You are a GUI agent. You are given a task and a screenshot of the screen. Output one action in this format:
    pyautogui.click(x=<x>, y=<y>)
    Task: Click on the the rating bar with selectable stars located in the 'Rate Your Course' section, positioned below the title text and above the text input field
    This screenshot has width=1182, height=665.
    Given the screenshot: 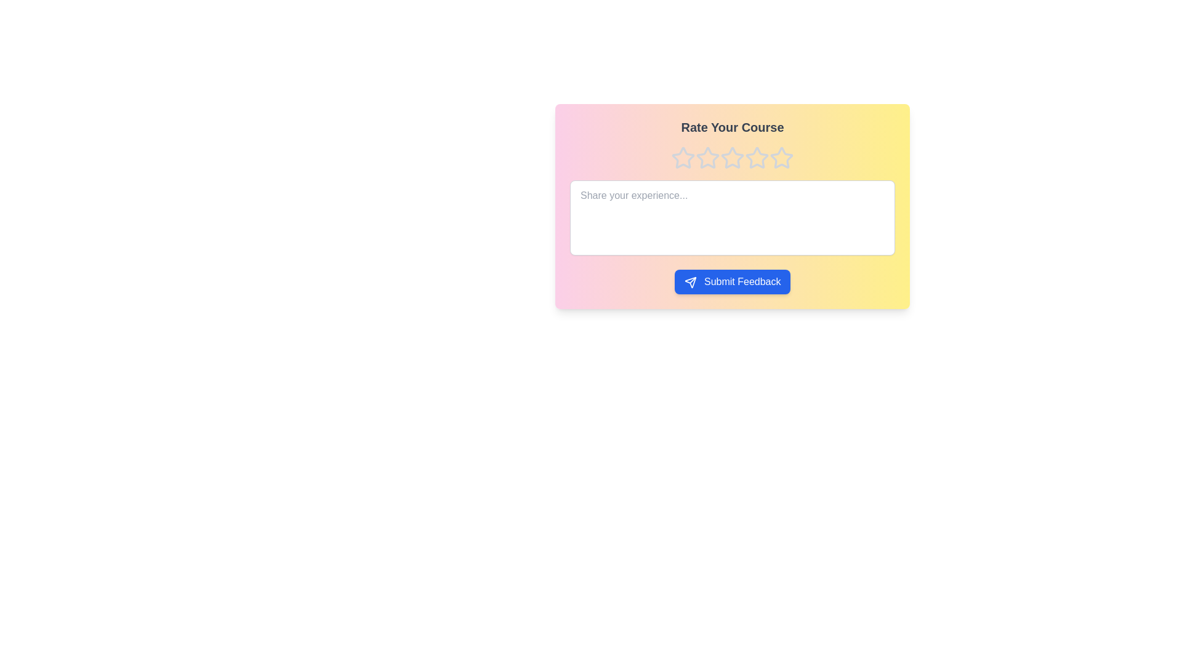 What is the action you would take?
    pyautogui.click(x=733, y=158)
    